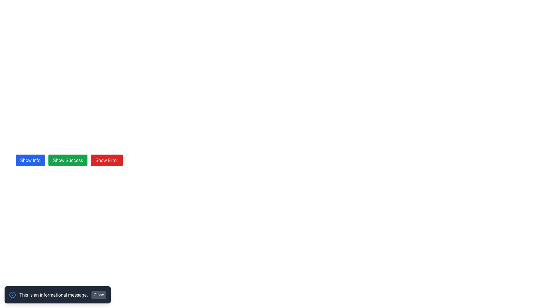  I want to click on the circular blue icon with an 'i' symbol, representing informational context, located on the left within the notification banner at the bottom-left of the interface, so click(12, 295).